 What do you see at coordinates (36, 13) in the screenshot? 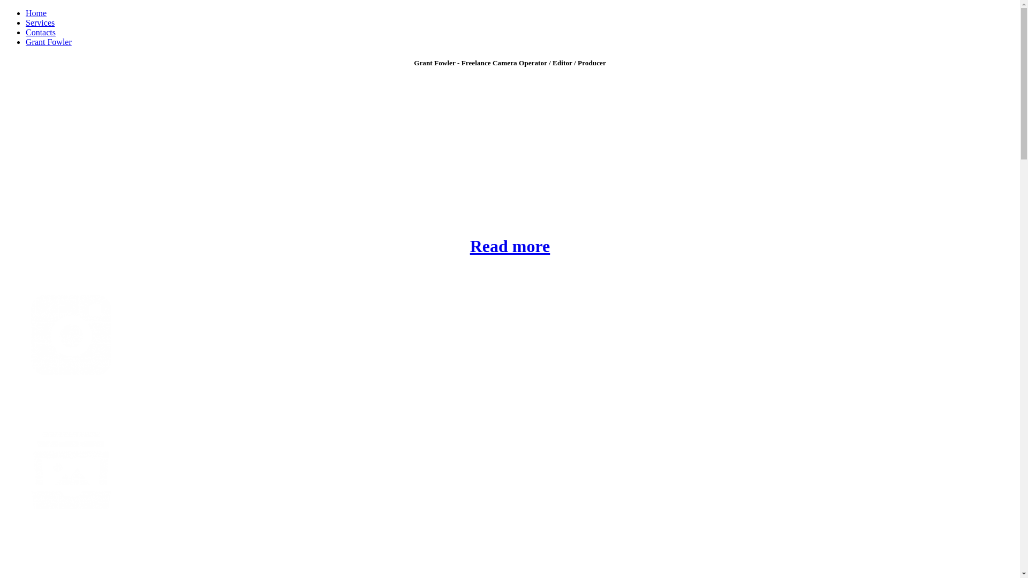
I see `'Home'` at bounding box center [36, 13].